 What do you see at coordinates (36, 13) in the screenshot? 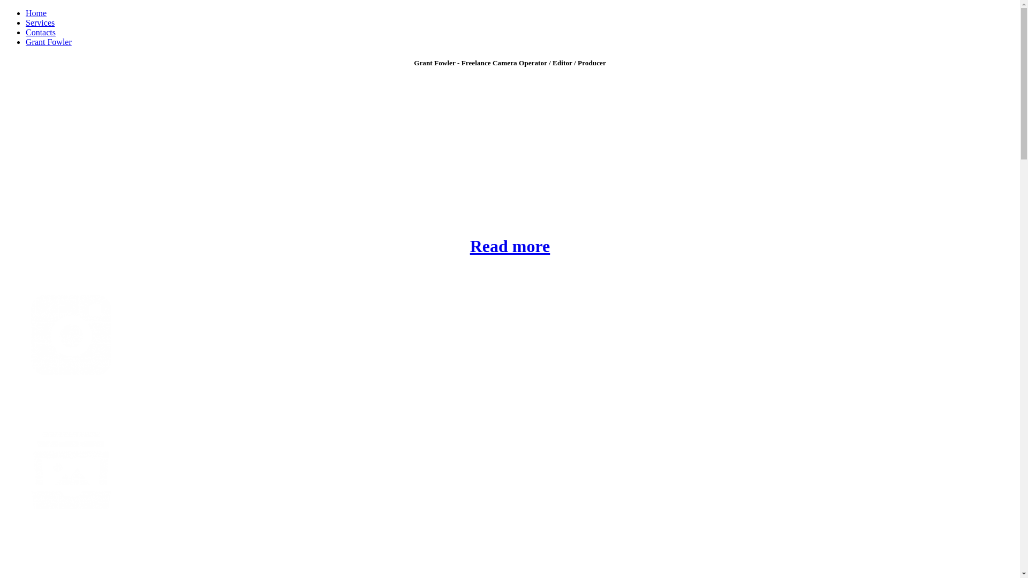
I see `'Home'` at bounding box center [36, 13].